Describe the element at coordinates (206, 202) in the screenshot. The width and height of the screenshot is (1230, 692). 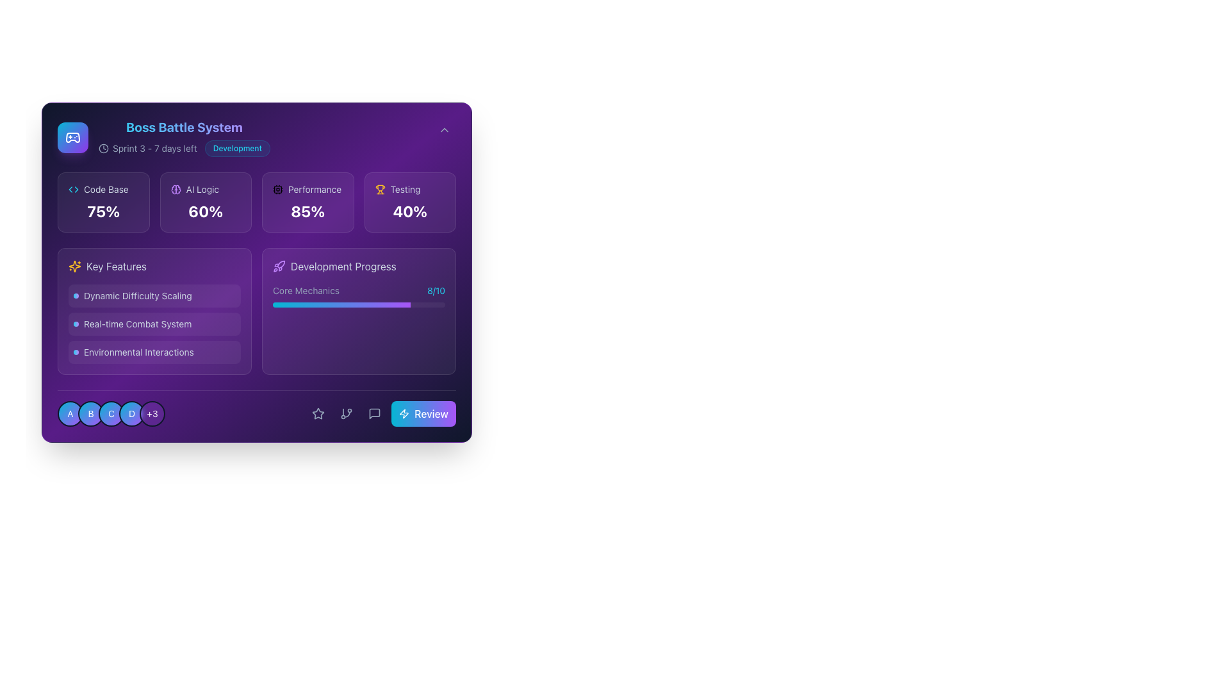
I see `the second card from the left in the top row that visualizes a 60% progress for 'AI Logic'` at that location.